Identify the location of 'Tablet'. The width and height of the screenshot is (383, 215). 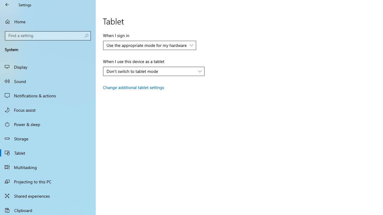
(48, 152).